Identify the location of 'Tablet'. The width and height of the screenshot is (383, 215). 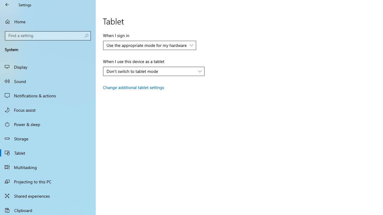
(48, 152).